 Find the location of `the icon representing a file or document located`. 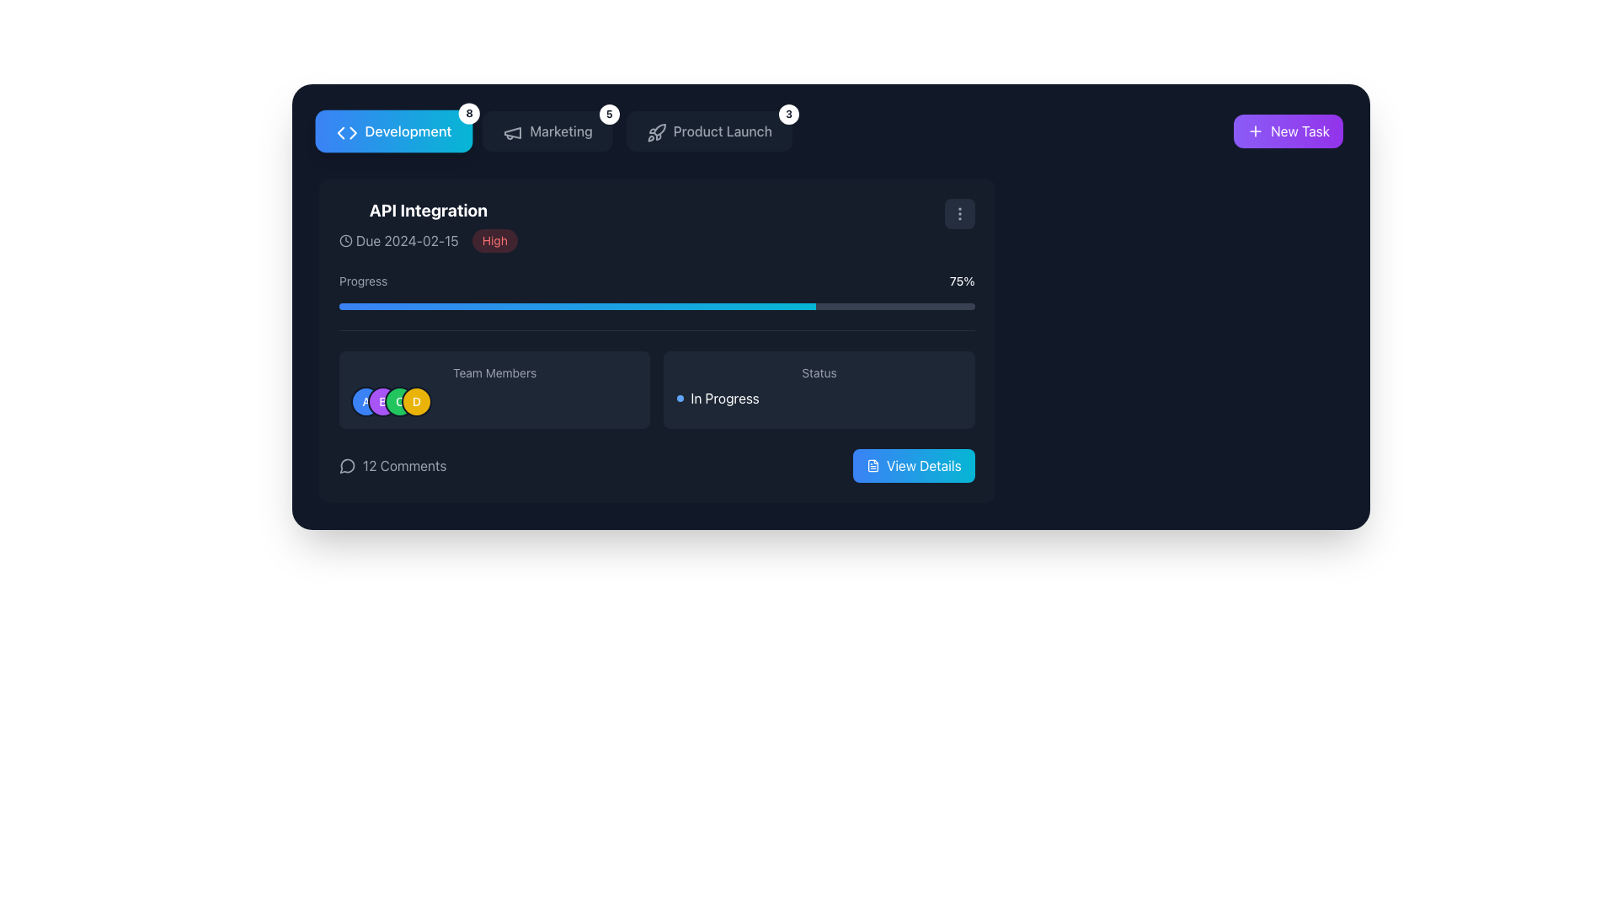

the icon representing a file or document located is located at coordinates (873, 465).